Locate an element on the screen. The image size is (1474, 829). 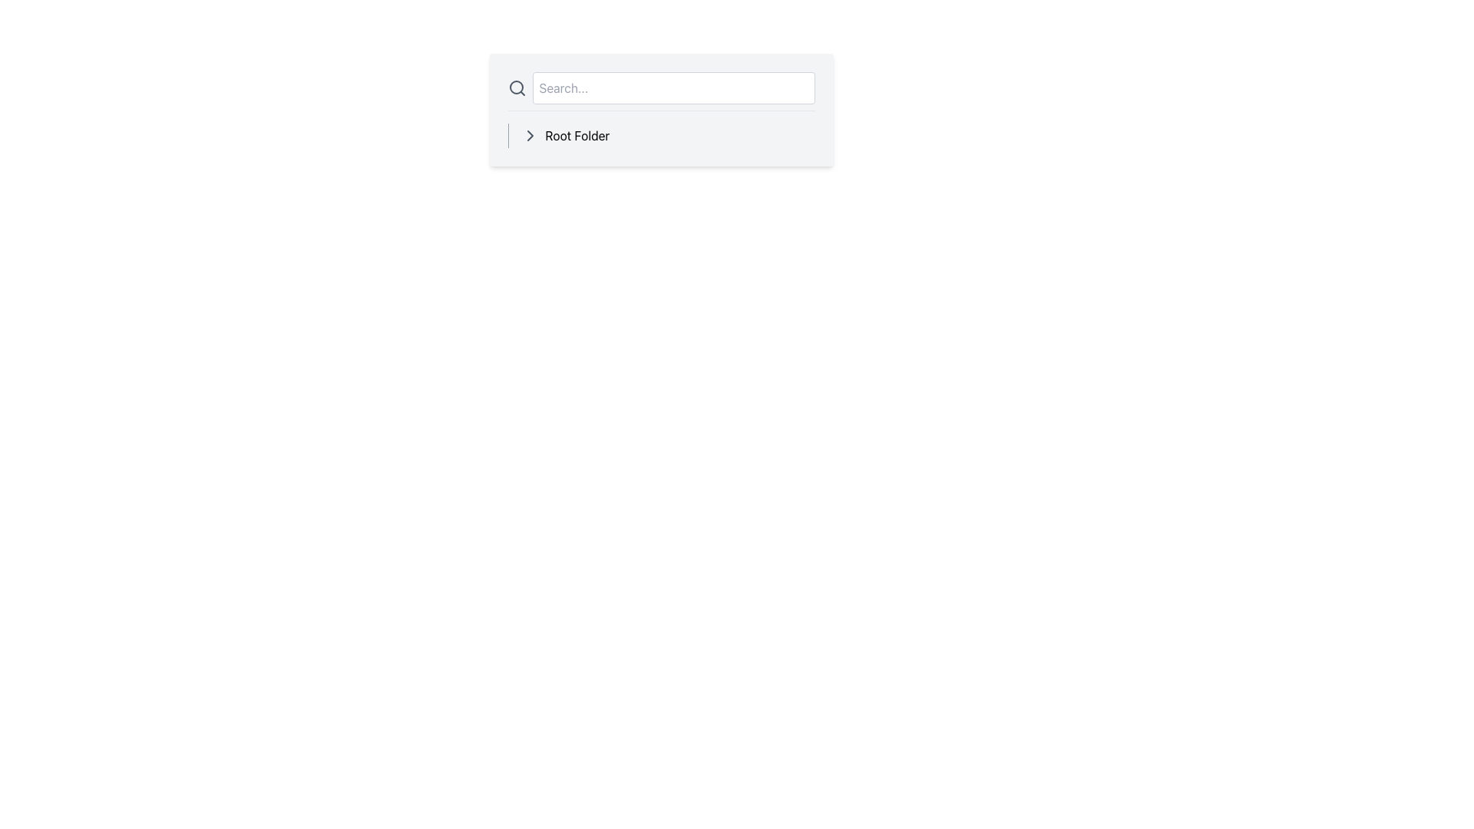
the SVG circle element that represents the lens of the magnifying glass in the Search panel, positioned to the left of the search input field is located at coordinates (516, 88).